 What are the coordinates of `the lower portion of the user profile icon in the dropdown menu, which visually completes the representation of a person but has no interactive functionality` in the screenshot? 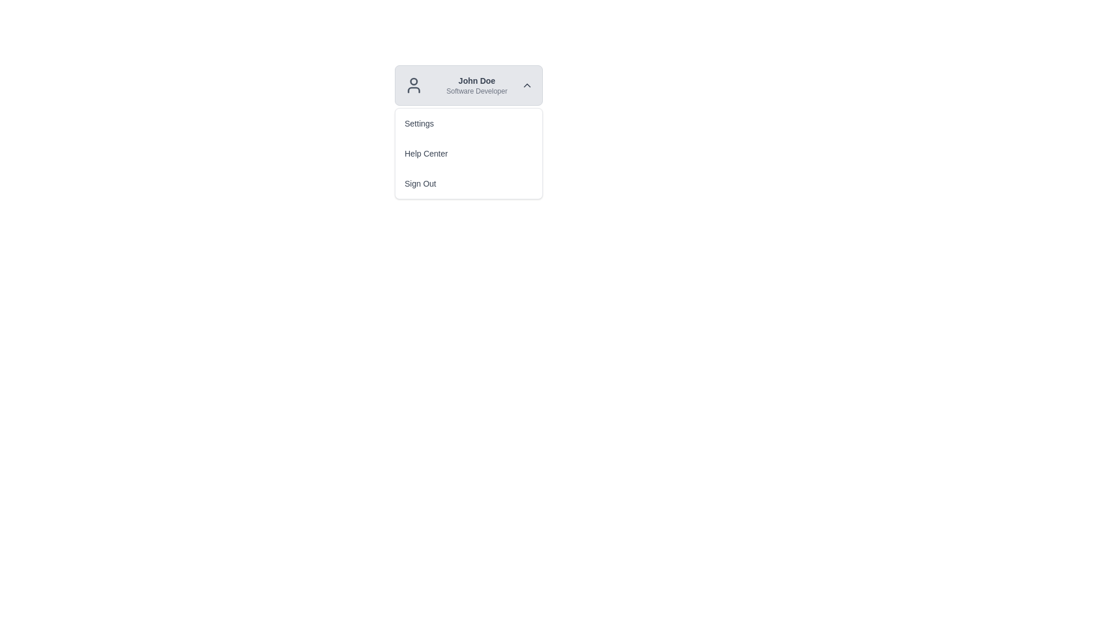 It's located at (413, 89).